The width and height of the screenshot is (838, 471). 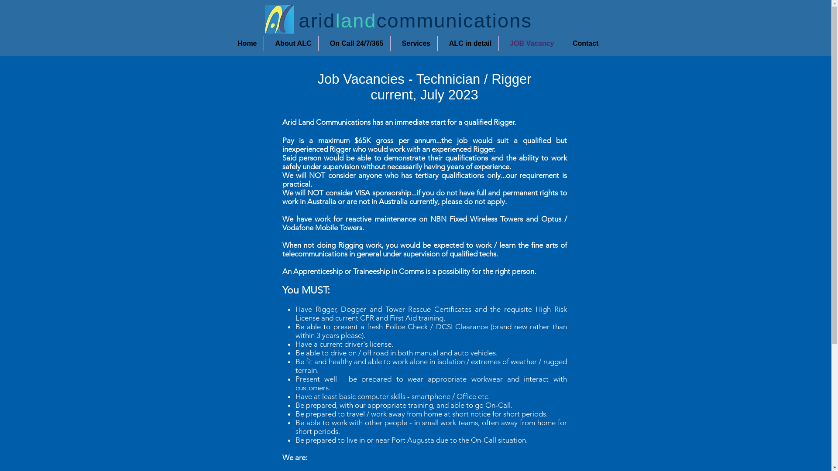 What do you see at coordinates (377, 20) in the screenshot?
I see `'communications'` at bounding box center [377, 20].